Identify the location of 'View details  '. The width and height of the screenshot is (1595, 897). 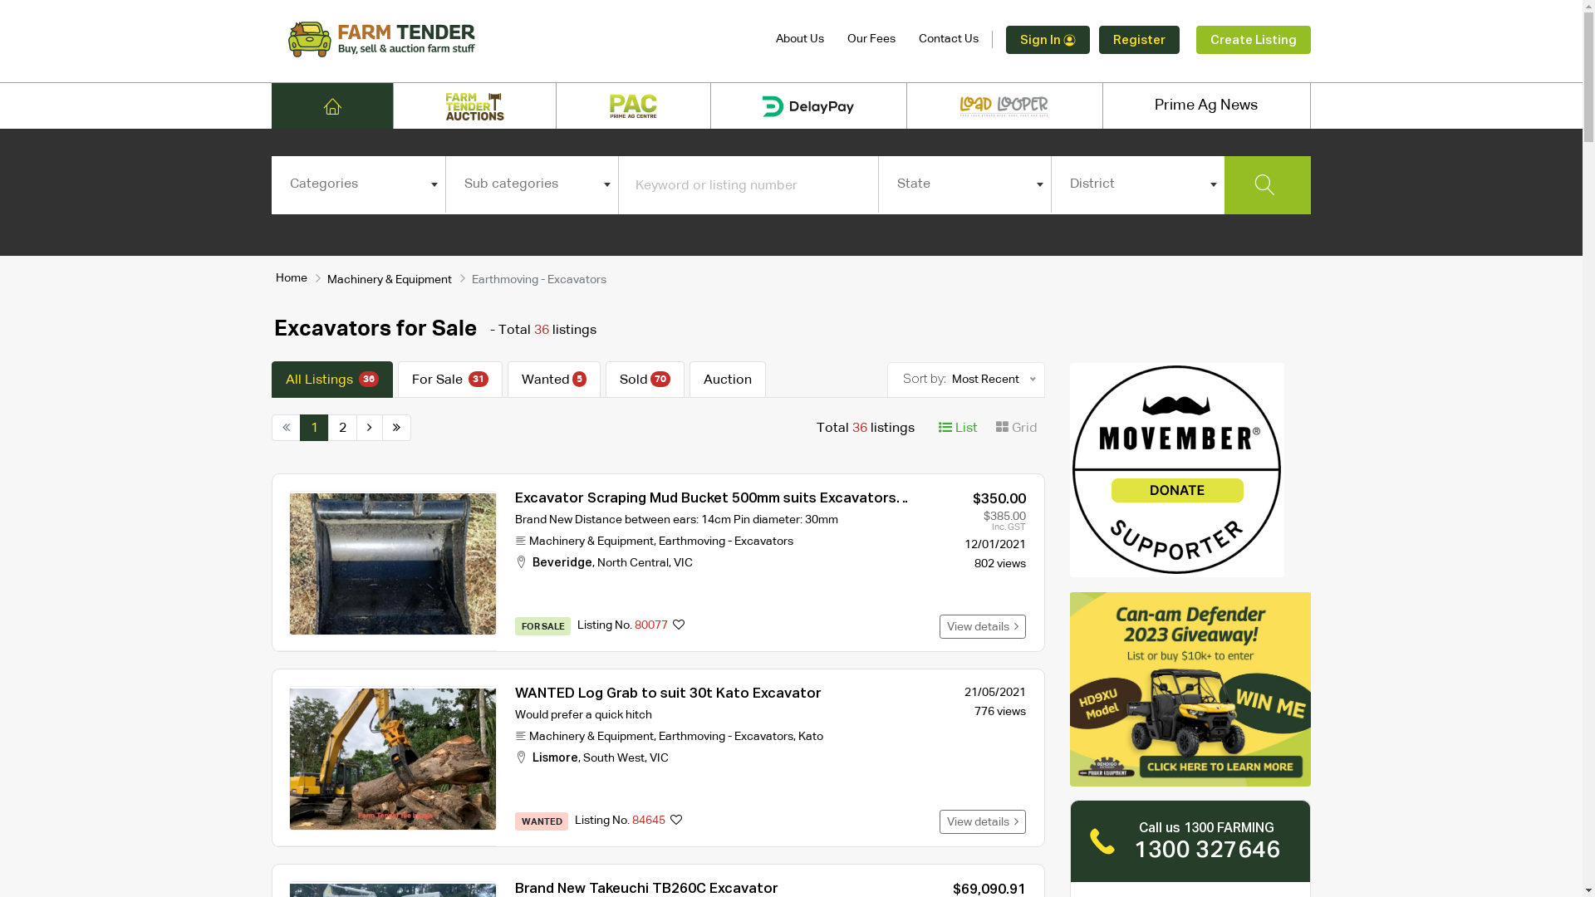
(982, 821).